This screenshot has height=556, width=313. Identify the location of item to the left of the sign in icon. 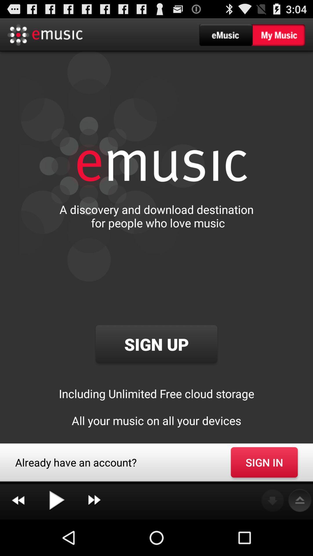
(94, 500).